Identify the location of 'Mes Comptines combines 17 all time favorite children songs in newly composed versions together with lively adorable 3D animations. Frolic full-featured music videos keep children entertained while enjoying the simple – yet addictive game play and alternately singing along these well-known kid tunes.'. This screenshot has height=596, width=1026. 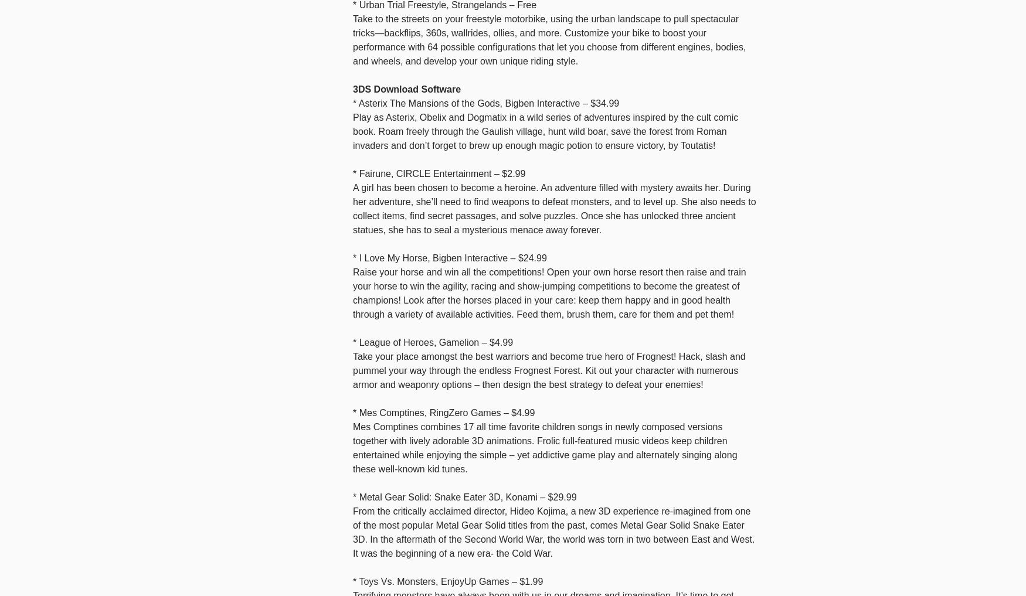
(544, 447).